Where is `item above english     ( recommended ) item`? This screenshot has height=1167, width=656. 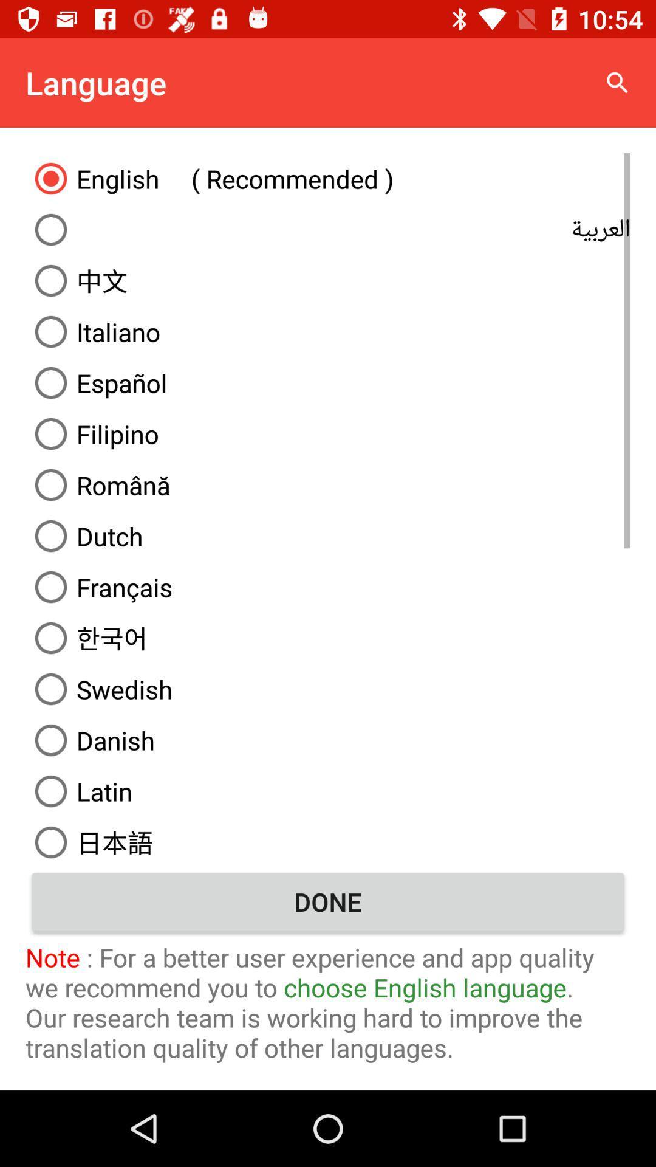 item above english     ( recommended ) item is located at coordinates (618, 82).